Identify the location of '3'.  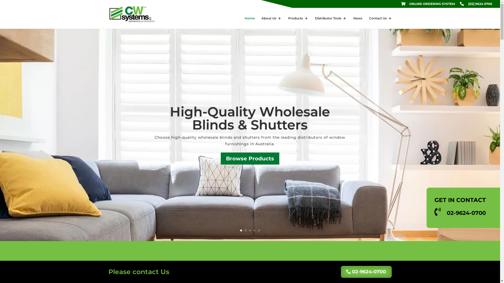
(250, 230).